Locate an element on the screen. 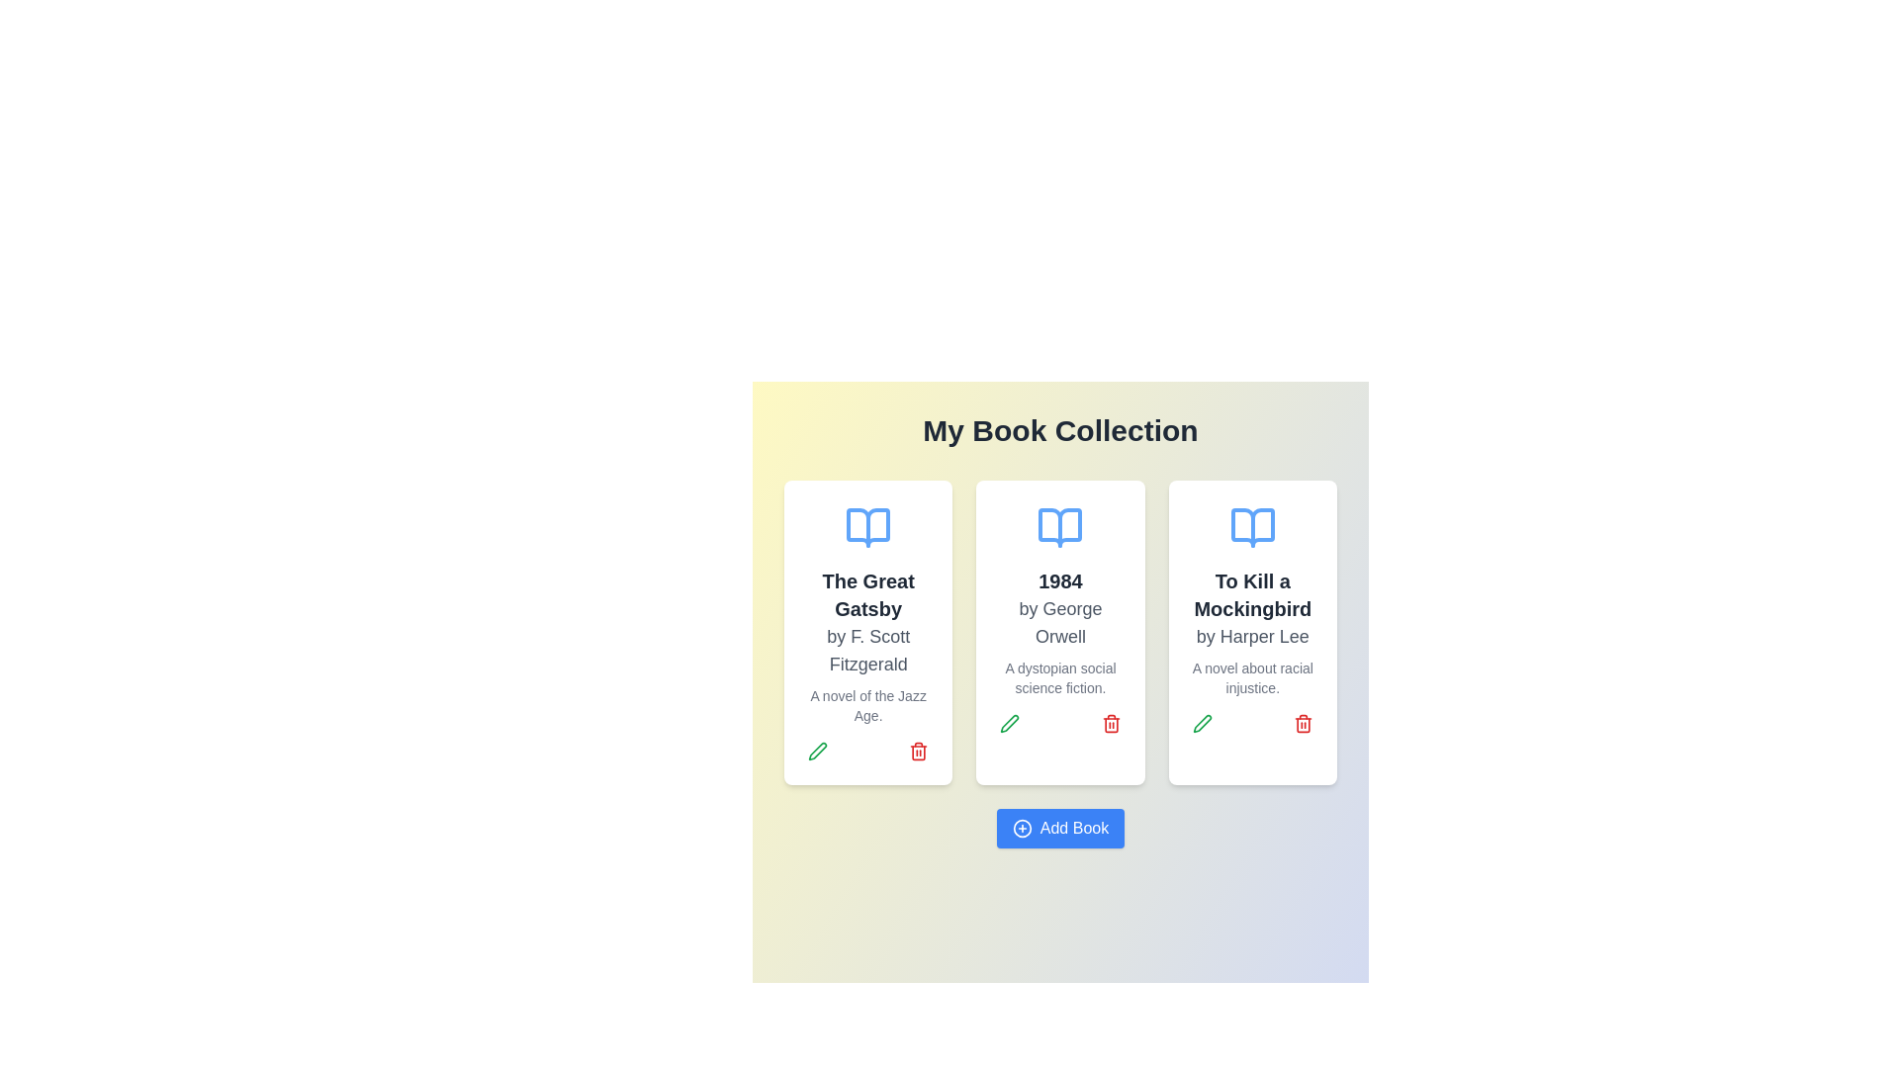 The width and height of the screenshot is (1899, 1068). the static text element that provides a brief descriptor for the book '1984' by George Orwell, located in the middle card of a three-card row layout is located at coordinates (1059, 677).